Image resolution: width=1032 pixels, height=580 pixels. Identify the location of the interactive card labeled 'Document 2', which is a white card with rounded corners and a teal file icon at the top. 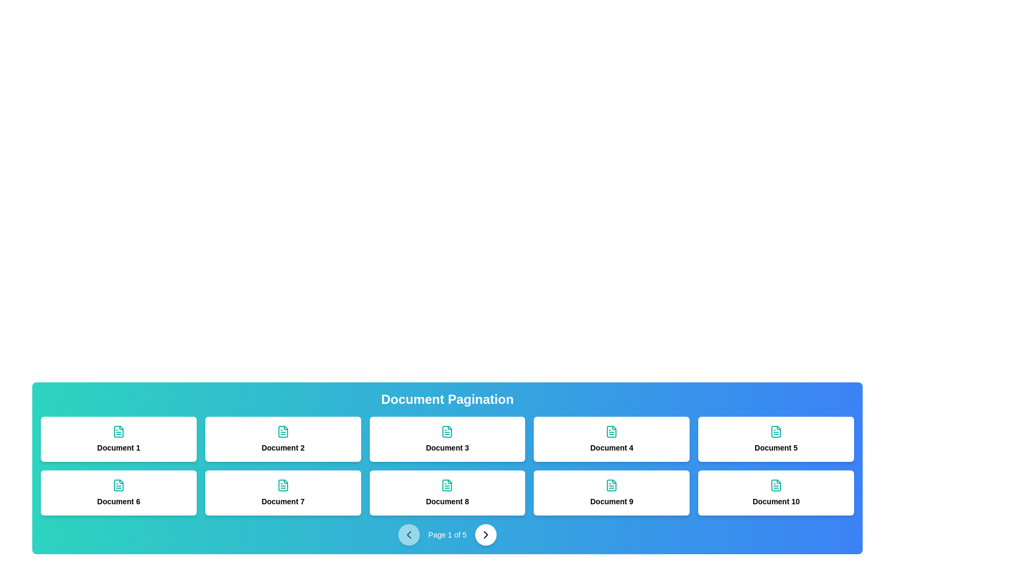
(283, 439).